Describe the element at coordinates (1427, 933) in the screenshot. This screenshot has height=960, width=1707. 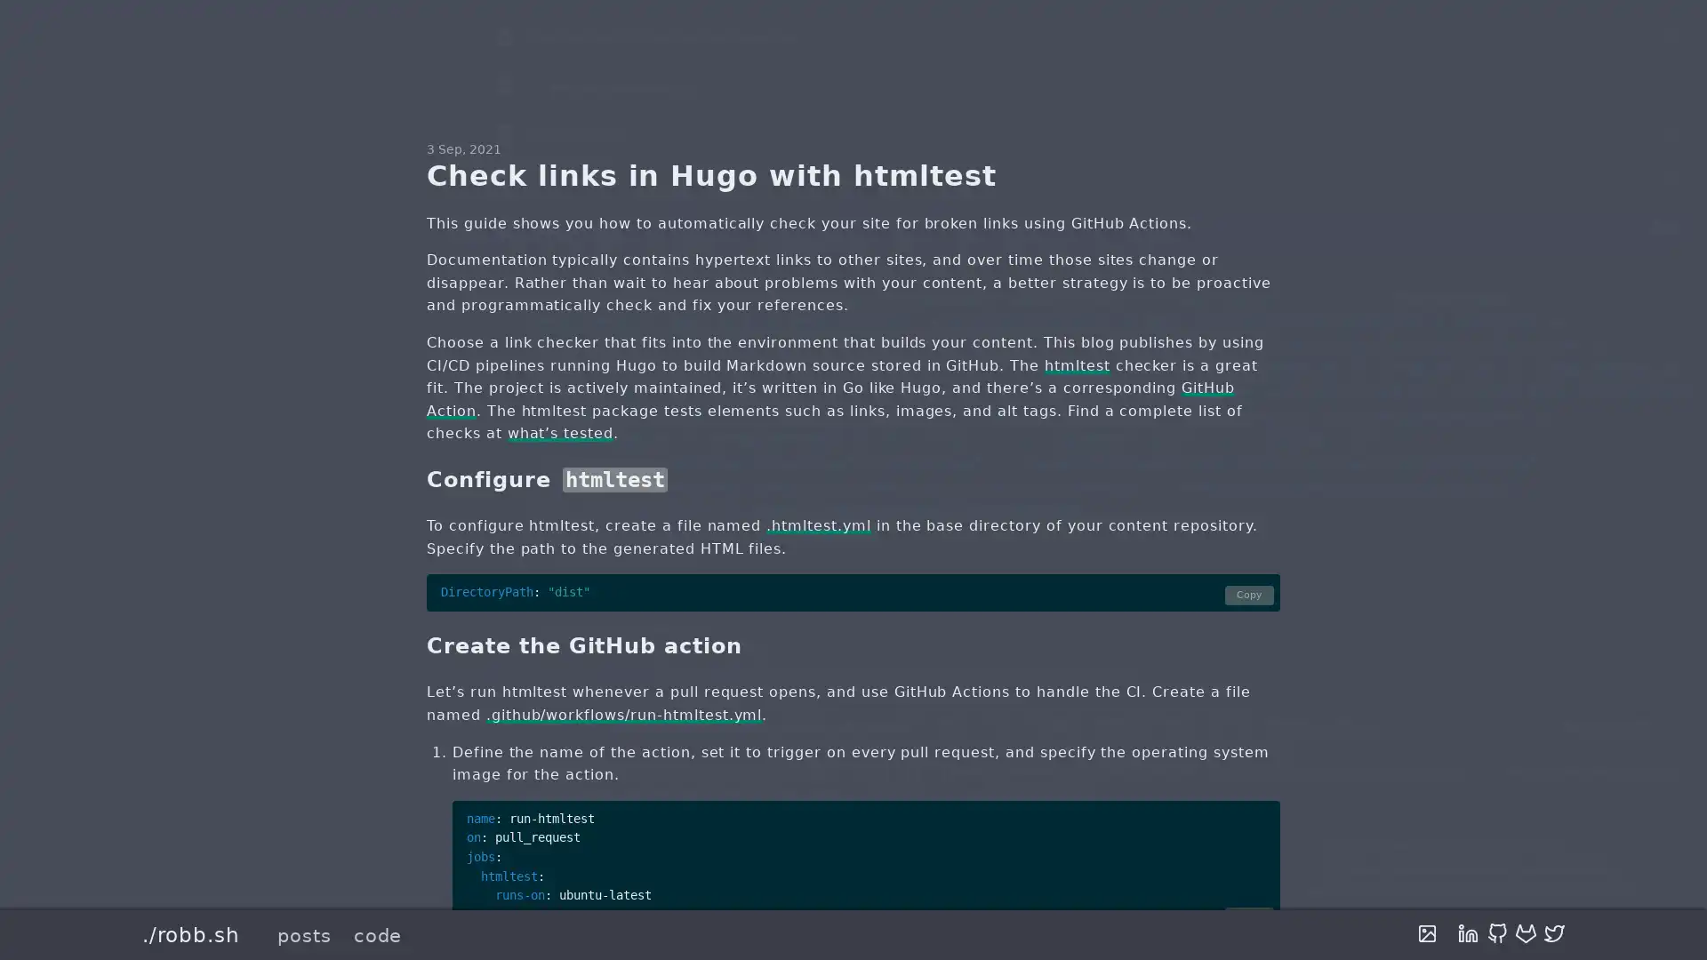
I see `Featured Image` at that location.